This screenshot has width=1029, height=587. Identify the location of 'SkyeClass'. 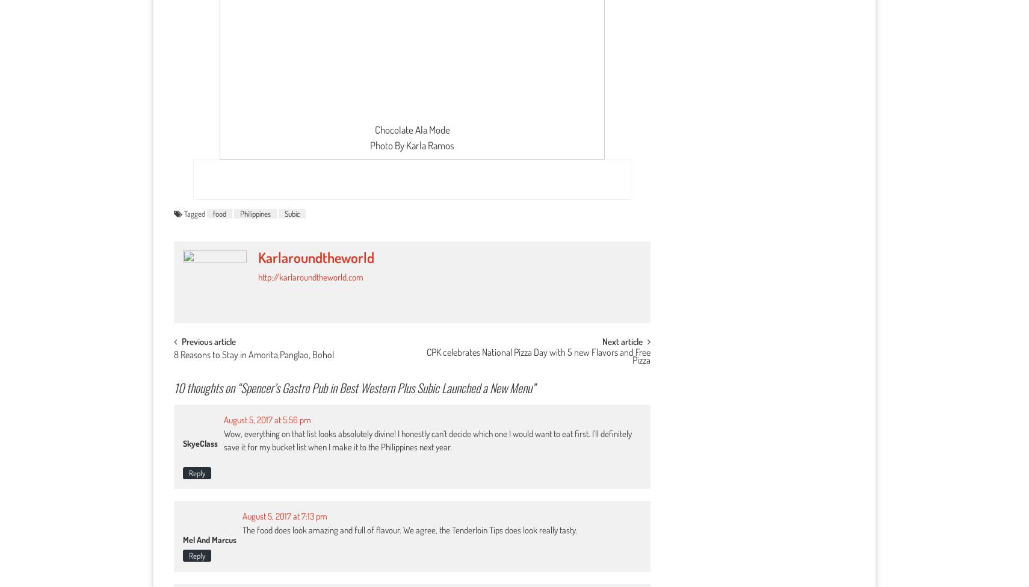
(182, 443).